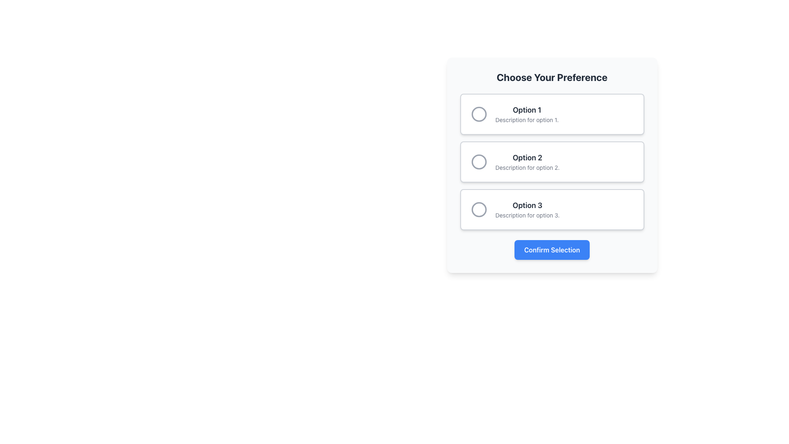 Image resolution: width=789 pixels, height=444 pixels. Describe the element at coordinates (527, 162) in the screenshot. I see `the descriptive text block for 'Option 2', which is the second item in a vertically stacked group of three options in a card format` at that location.